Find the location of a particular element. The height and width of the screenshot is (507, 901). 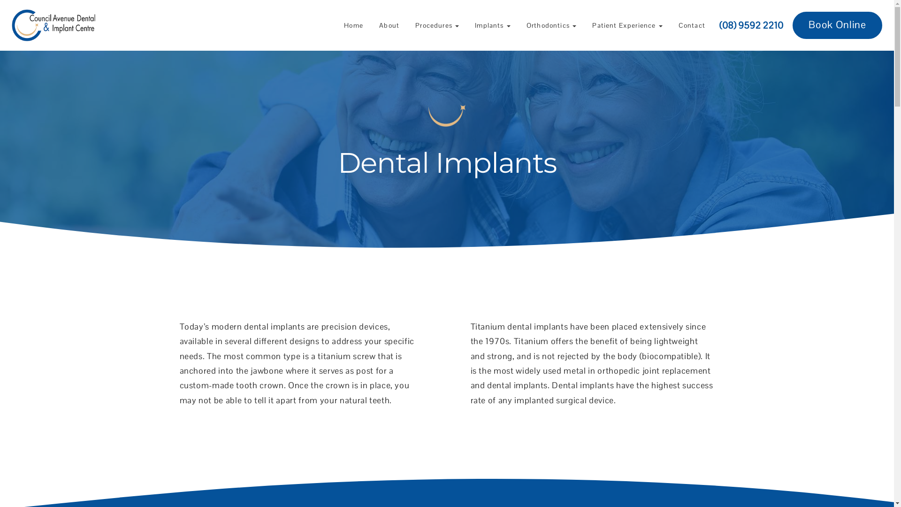

'Home' is located at coordinates (353, 25).